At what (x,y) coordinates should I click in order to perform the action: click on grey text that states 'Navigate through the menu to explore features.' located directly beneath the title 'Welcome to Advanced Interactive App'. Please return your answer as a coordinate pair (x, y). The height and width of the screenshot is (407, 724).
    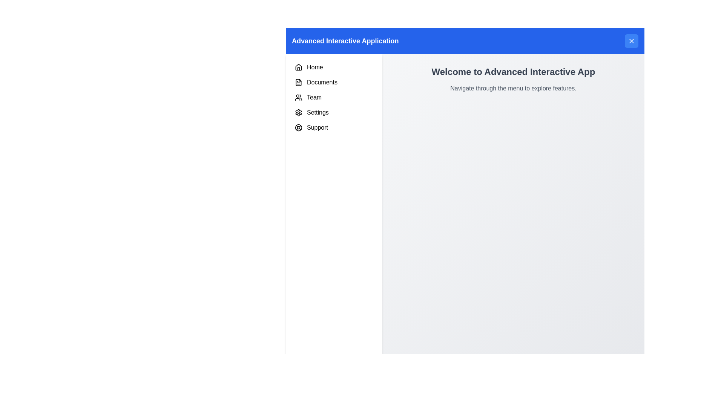
    Looking at the image, I should click on (513, 88).